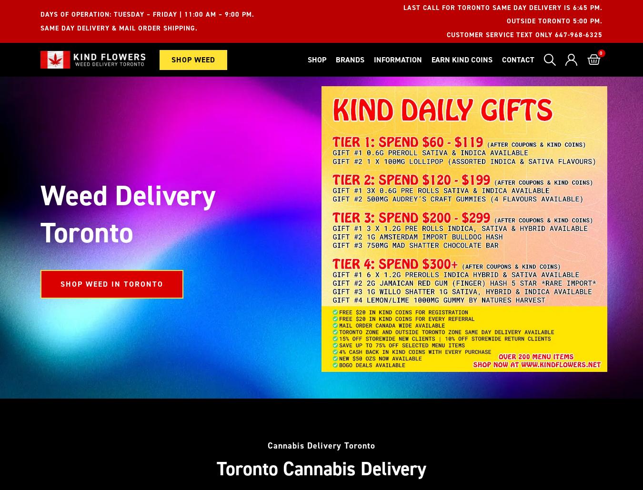  I want to click on 'DAYS OF OPERATION: TUESDAY – FRIDAY | 11:00 AM – 9:00 PM.', so click(40, 14).